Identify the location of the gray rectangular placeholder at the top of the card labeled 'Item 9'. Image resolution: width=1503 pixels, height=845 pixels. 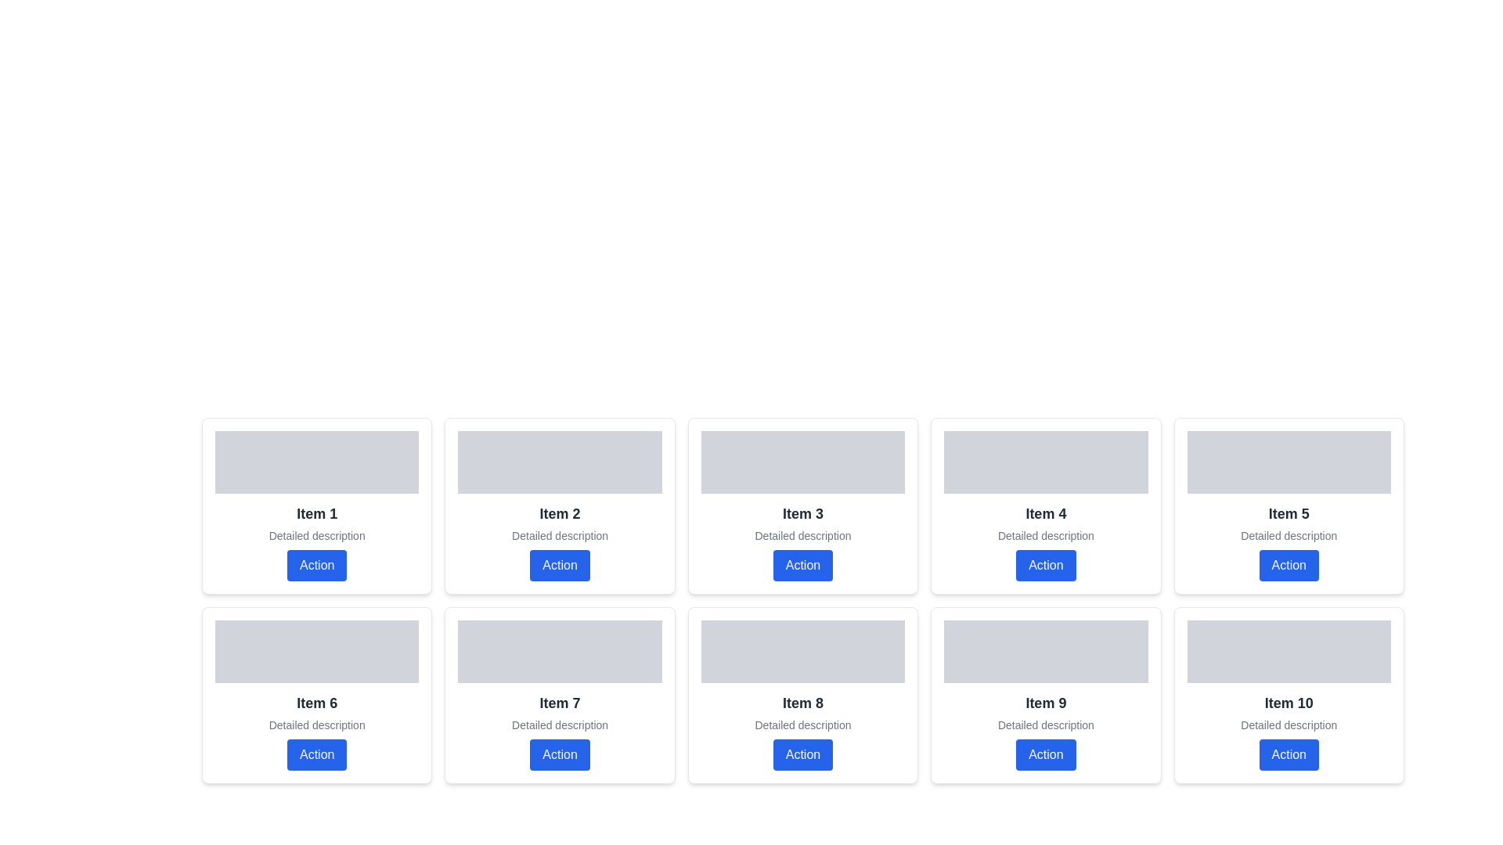
(1046, 652).